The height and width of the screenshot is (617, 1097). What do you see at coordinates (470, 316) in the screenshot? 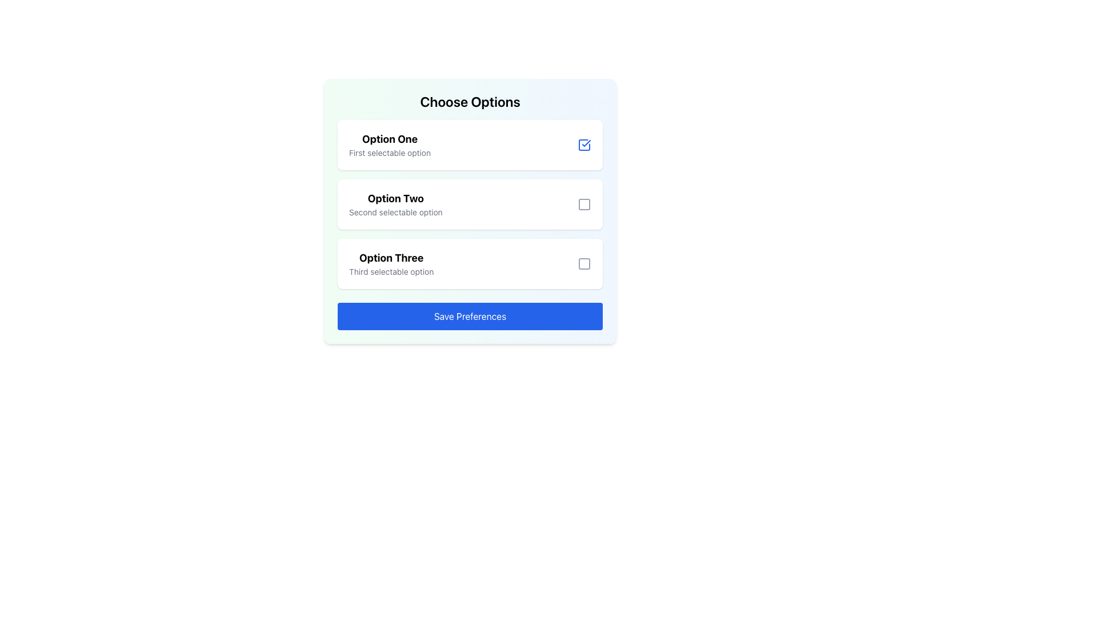
I see `the 'Save Preferences' button, which is a bold blue rectangular button with rounded corners` at bounding box center [470, 316].